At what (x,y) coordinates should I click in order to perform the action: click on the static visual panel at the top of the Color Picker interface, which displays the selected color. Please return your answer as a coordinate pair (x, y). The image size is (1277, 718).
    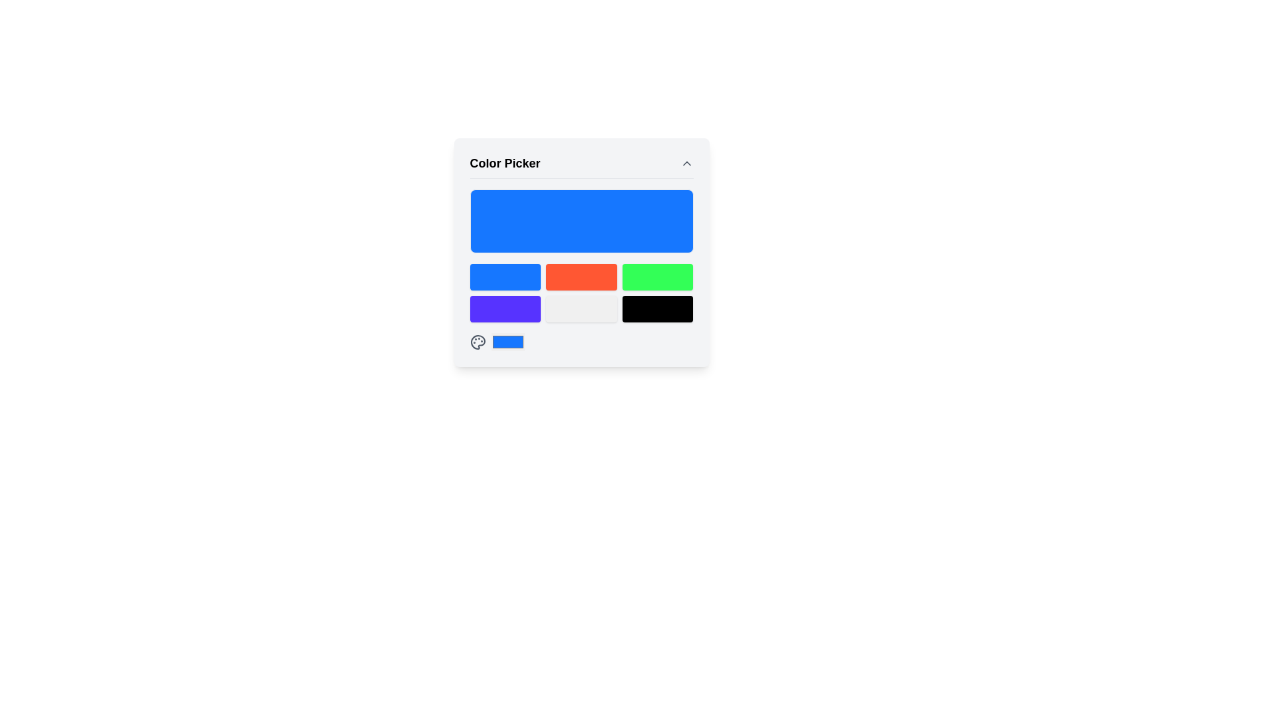
    Looking at the image, I should click on (581, 220).